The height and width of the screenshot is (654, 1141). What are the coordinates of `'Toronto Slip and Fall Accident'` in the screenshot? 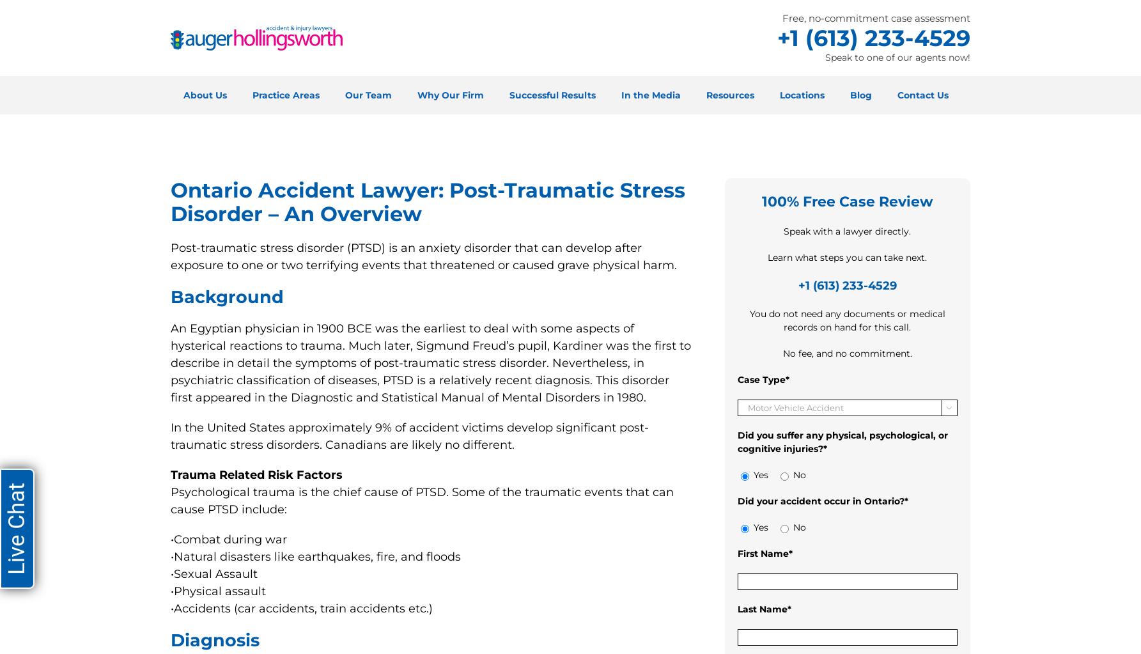 It's located at (619, 481).